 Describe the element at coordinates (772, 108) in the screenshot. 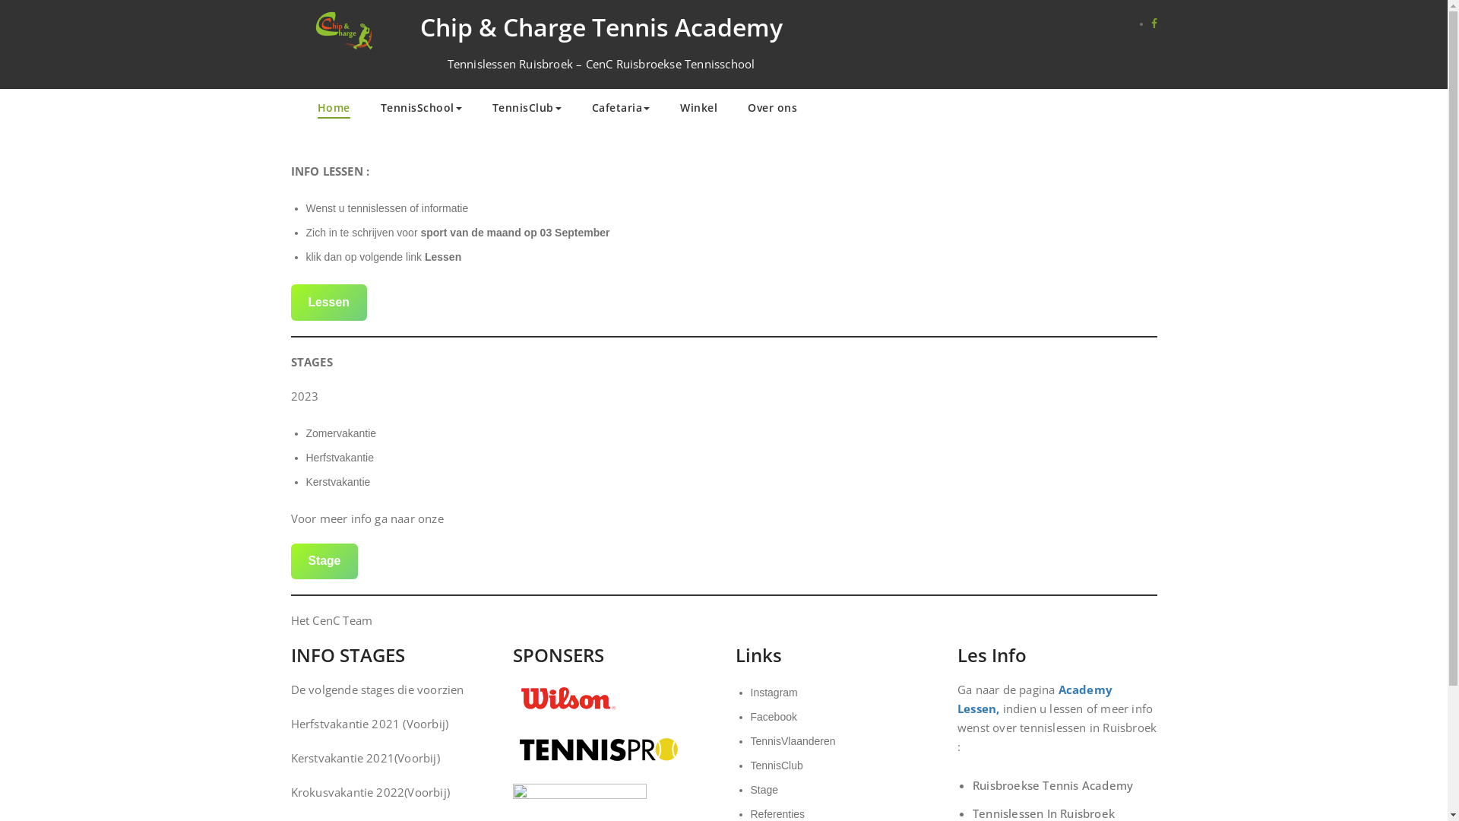

I see `'Over ons'` at that location.